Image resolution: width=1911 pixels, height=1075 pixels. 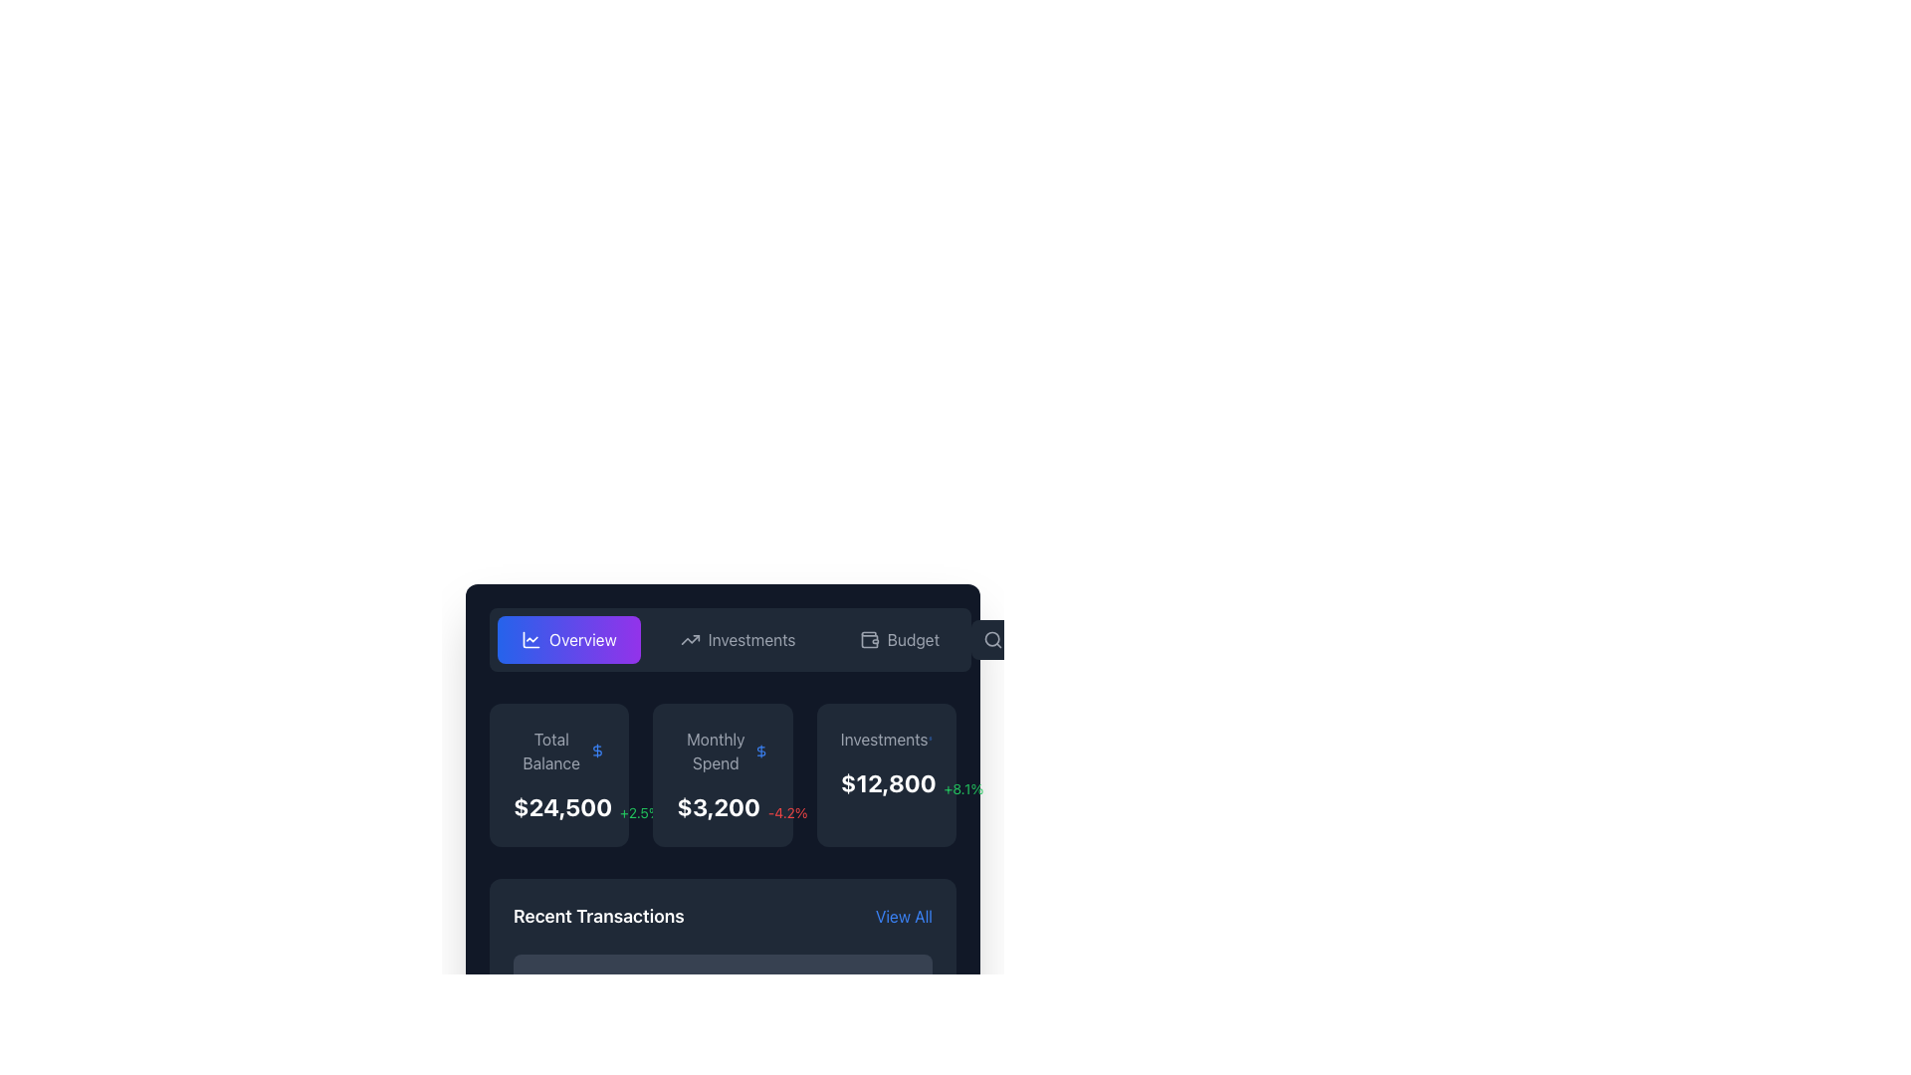 I want to click on information from the 'Investments' text label located at the top of the financial data card in the bottom right of the grid, so click(x=885, y=740).